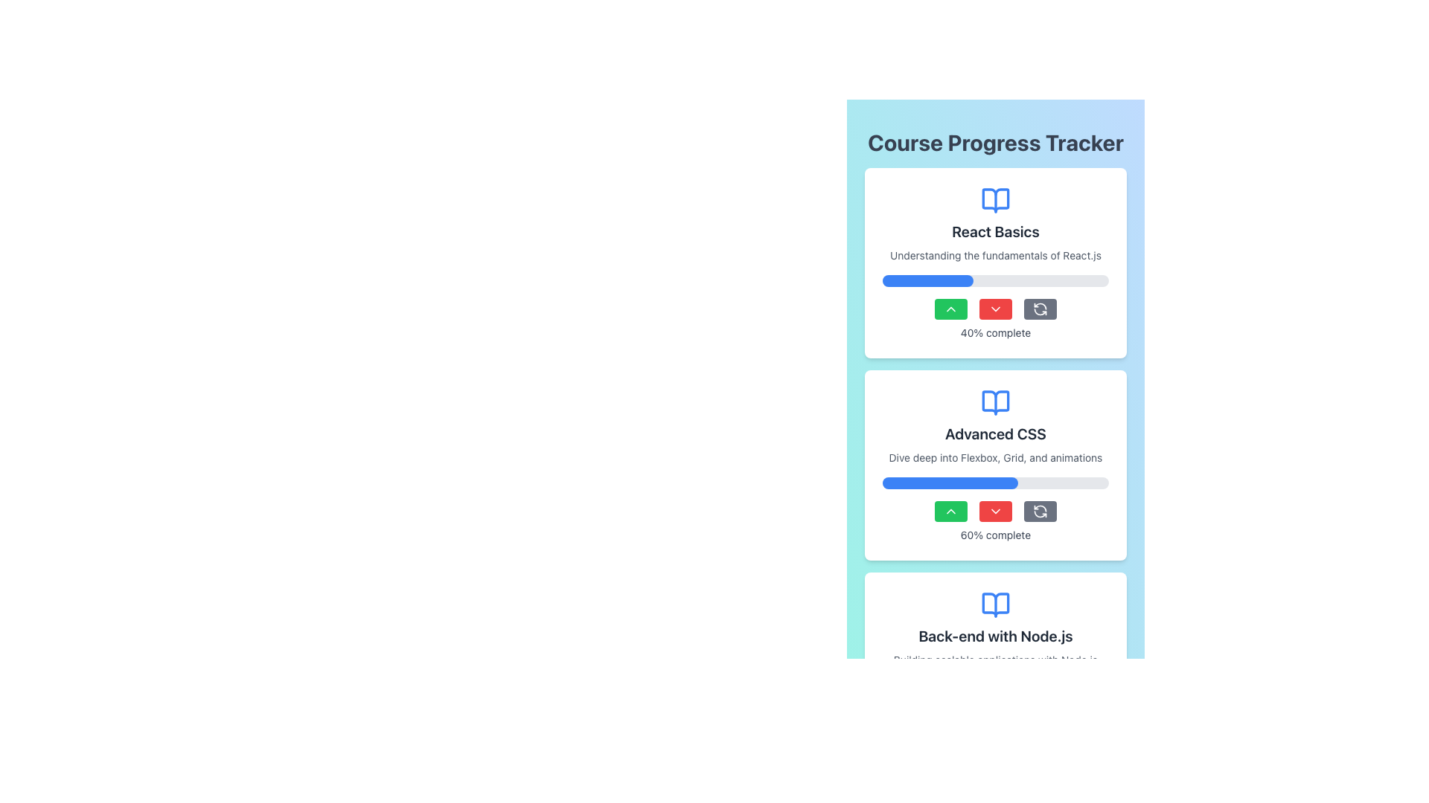  I want to click on the first icon button located in the top-left portion of the interface, set against a green rectangular background, so click(950, 510).